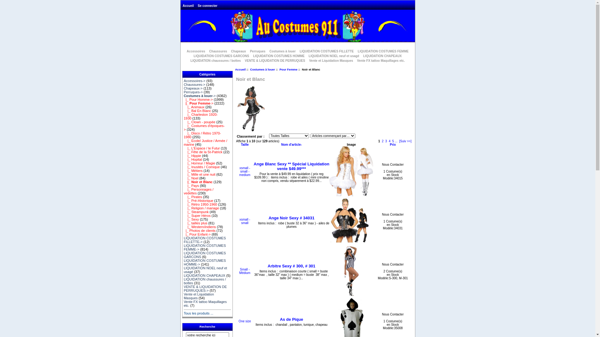 Image resolution: width=600 pixels, height=337 pixels. I want to click on '5', so click(392, 141).